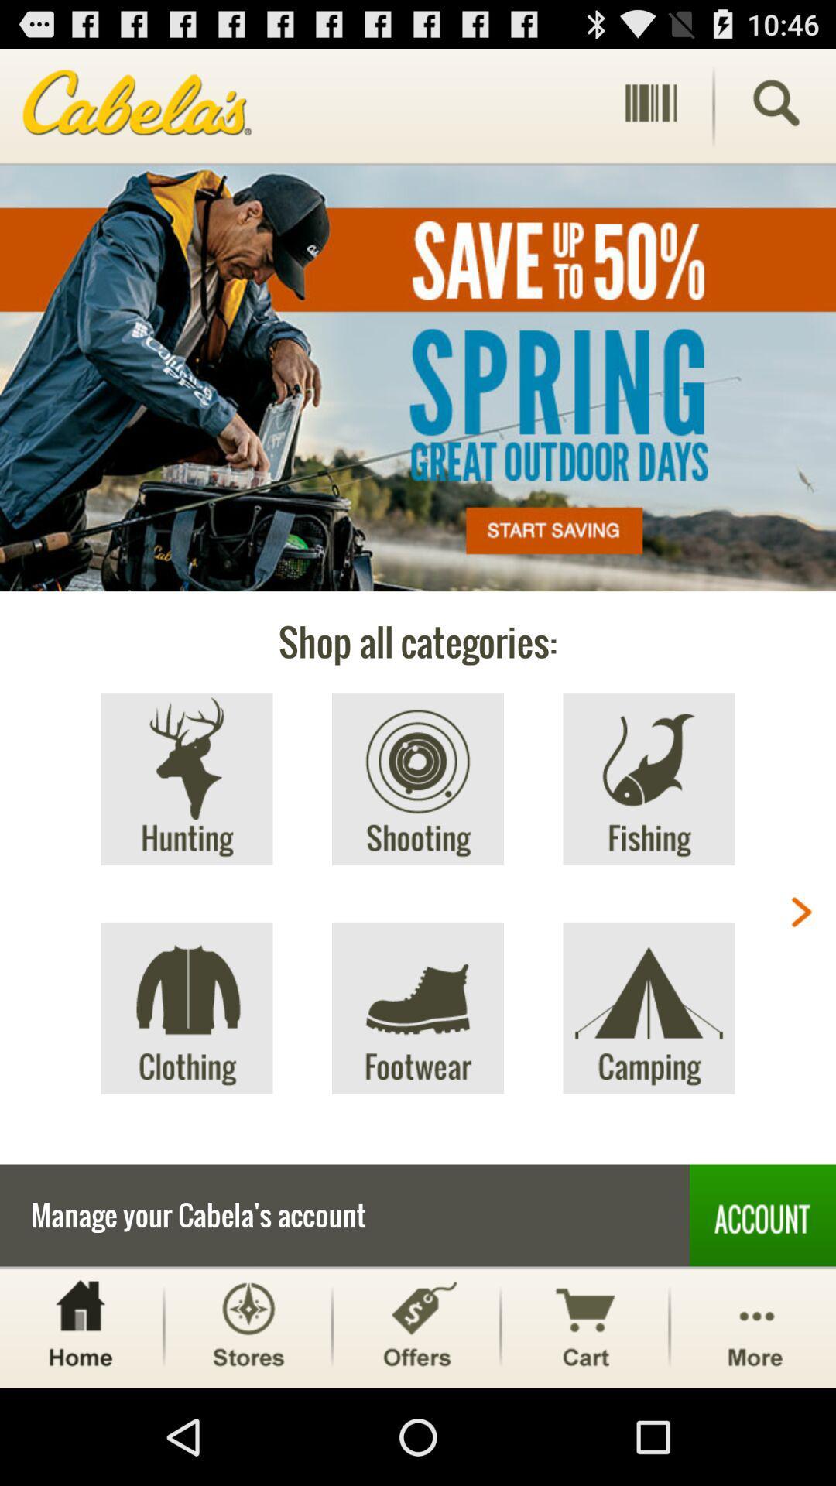 The width and height of the screenshot is (836, 1486). Describe the element at coordinates (754, 1420) in the screenshot. I see `the more icon` at that location.